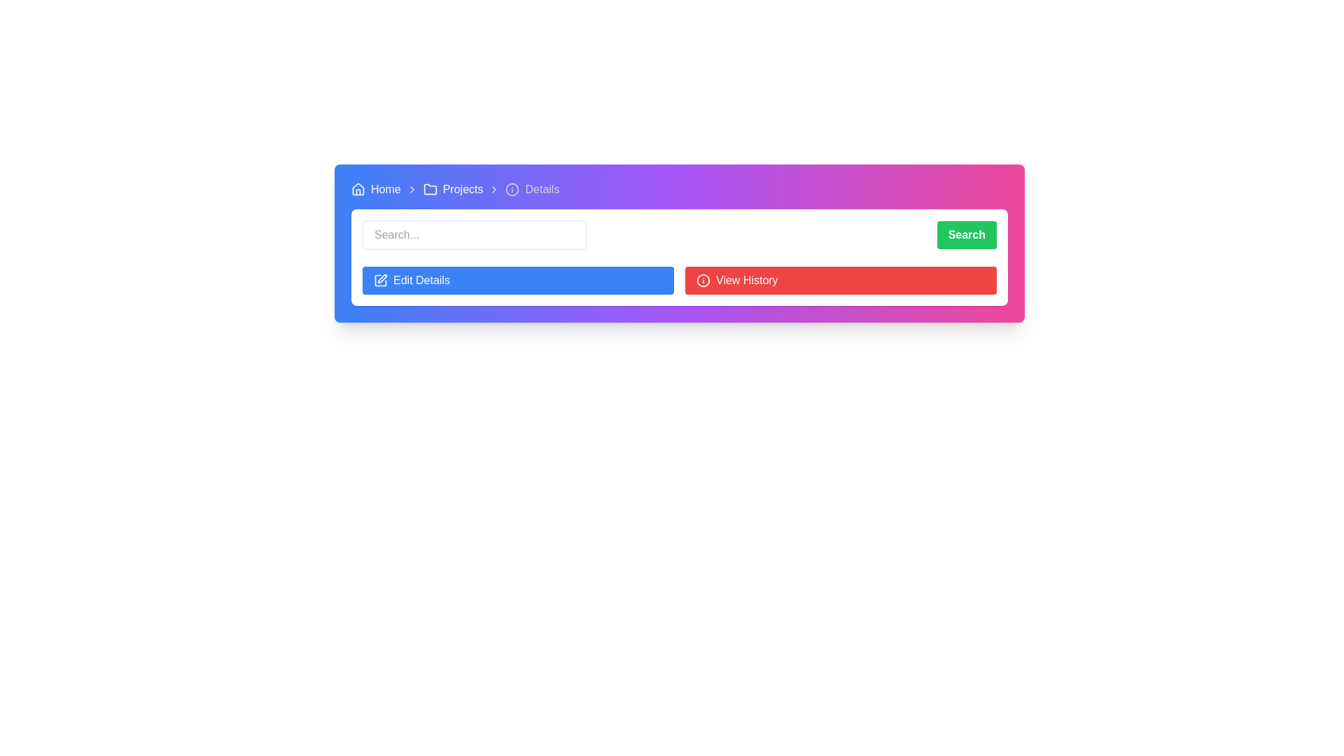 This screenshot has width=1344, height=756. What do you see at coordinates (382, 279) in the screenshot?
I see `the 'Edit Details' button, which features a pen icon located to the left of the button's text in the bottom left corner of the interactive area` at bounding box center [382, 279].